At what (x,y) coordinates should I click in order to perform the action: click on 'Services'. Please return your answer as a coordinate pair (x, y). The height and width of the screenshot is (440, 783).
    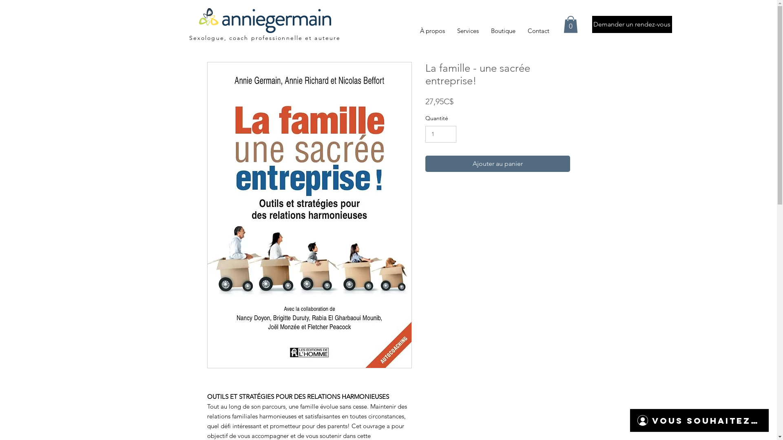
    Looking at the image, I should click on (450, 31).